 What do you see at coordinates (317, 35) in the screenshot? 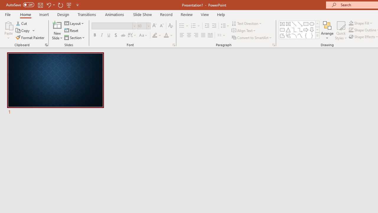
I see `'Shapes'` at bounding box center [317, 35].